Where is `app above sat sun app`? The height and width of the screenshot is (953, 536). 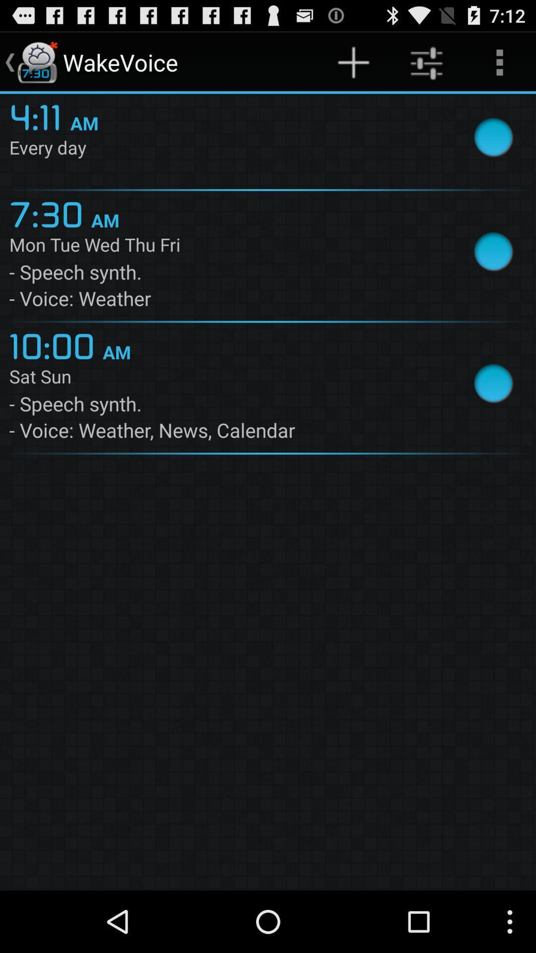 app above sat sun app is located at coordinates (56, 344).